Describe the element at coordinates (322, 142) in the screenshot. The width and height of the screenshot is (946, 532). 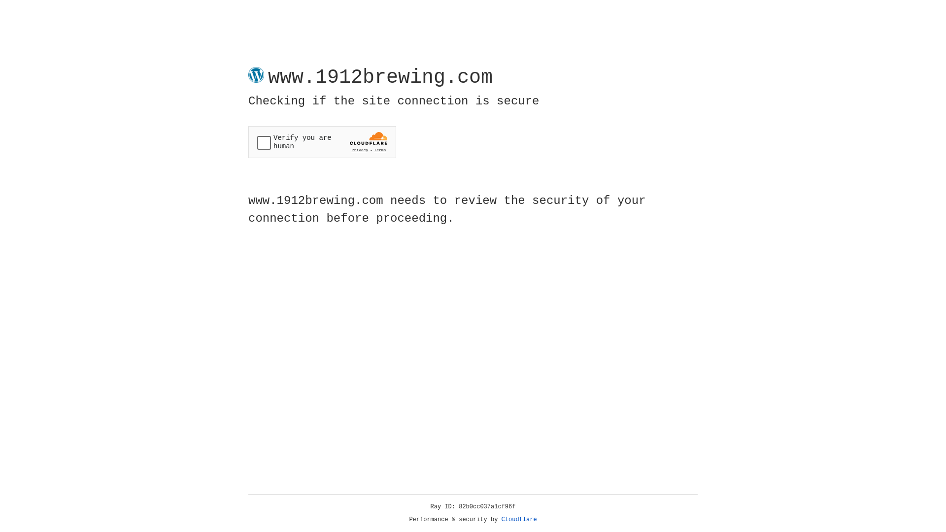
I see `'Widget containing a Cloudflare security challenge'` at that location.